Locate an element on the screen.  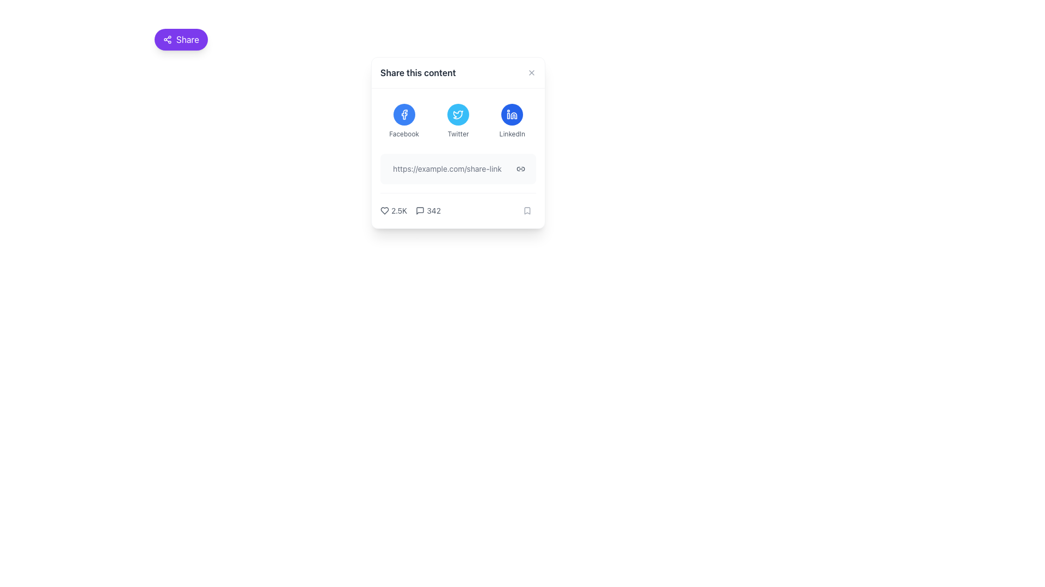
the bookmark icon located near the bottom-right corner of the sharing panel, which is directly to the right of the numeric indicator showing the number of comments is located at coordinates (527, 211).